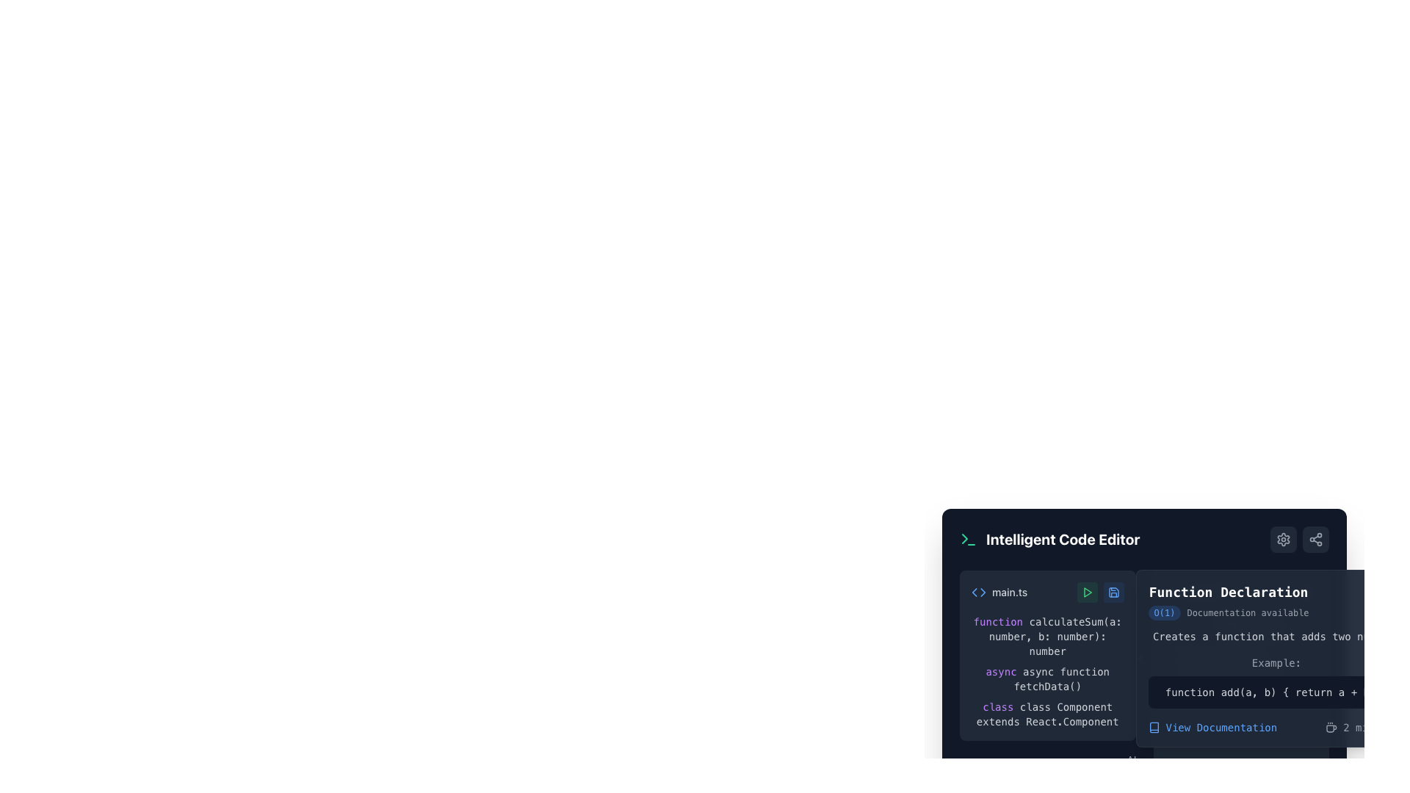 This screenshot has width=1410, height=793. Describe the element at coordinates (1276, 692) in the screenshot. I see `the code block displaying the JavaScript function 'function add(a, b) { return a + b; }' with a dark background and light text, located within the section titled 'Example:' in the code editor interface` at that location.